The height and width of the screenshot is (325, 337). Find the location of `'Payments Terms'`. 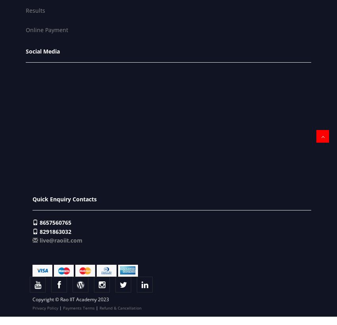

'Payments Terms' is located at coordinates (78, 308).